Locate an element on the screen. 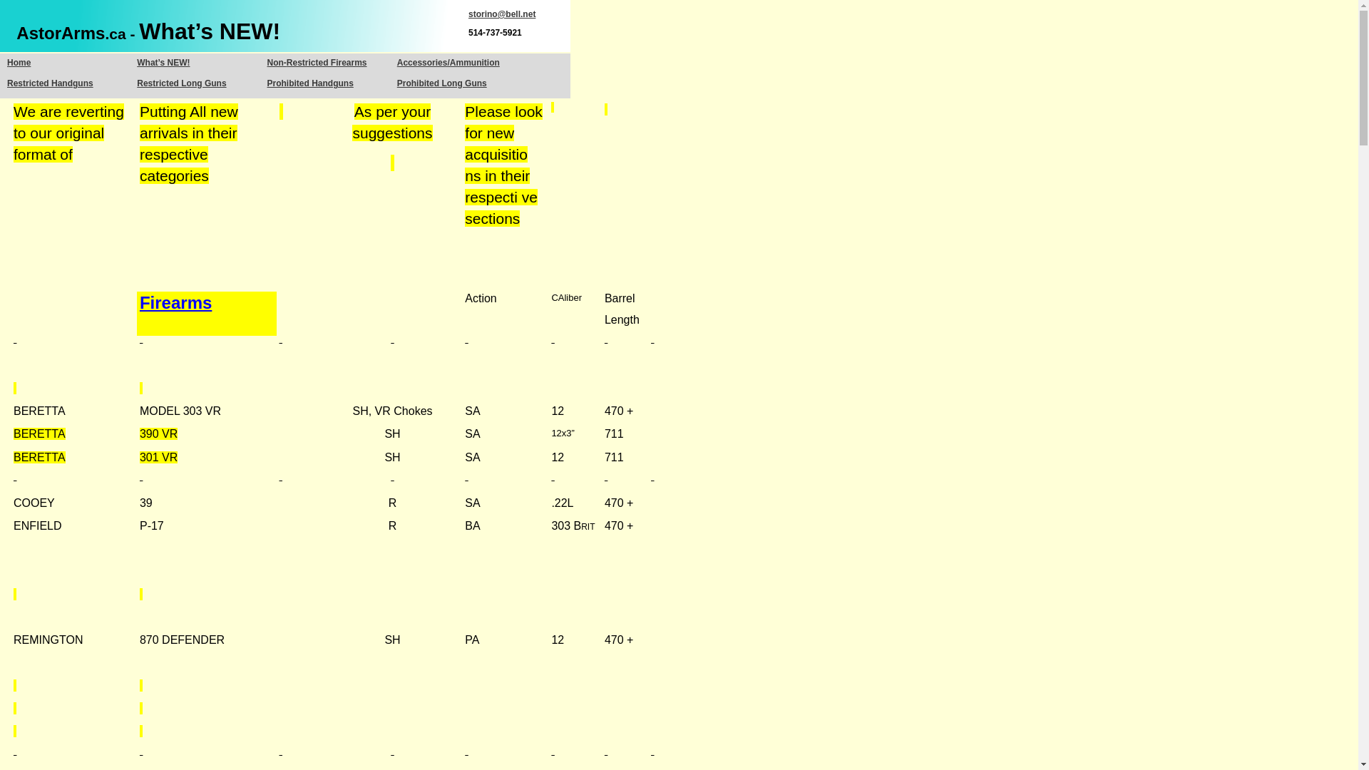 Image resolution: width=1369 pixels, height=770 pixels. 'Restricted Handguns' is located at coordinates (6, 83).